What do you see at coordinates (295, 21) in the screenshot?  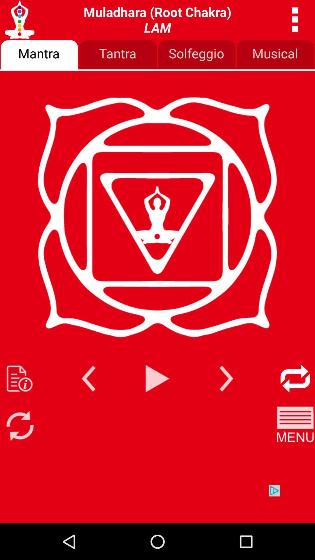 I see `the more icon` at bounding box center [295, 21].